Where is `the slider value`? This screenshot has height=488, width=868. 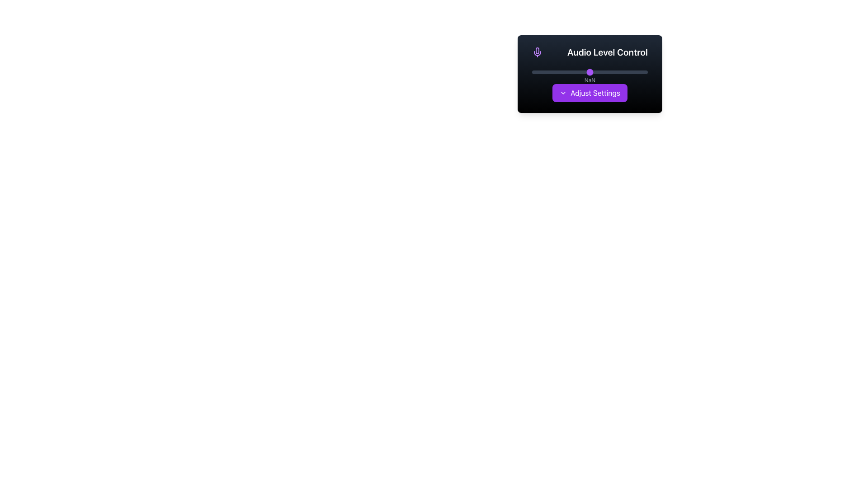
the slider value is located at coordinates (600, 71).